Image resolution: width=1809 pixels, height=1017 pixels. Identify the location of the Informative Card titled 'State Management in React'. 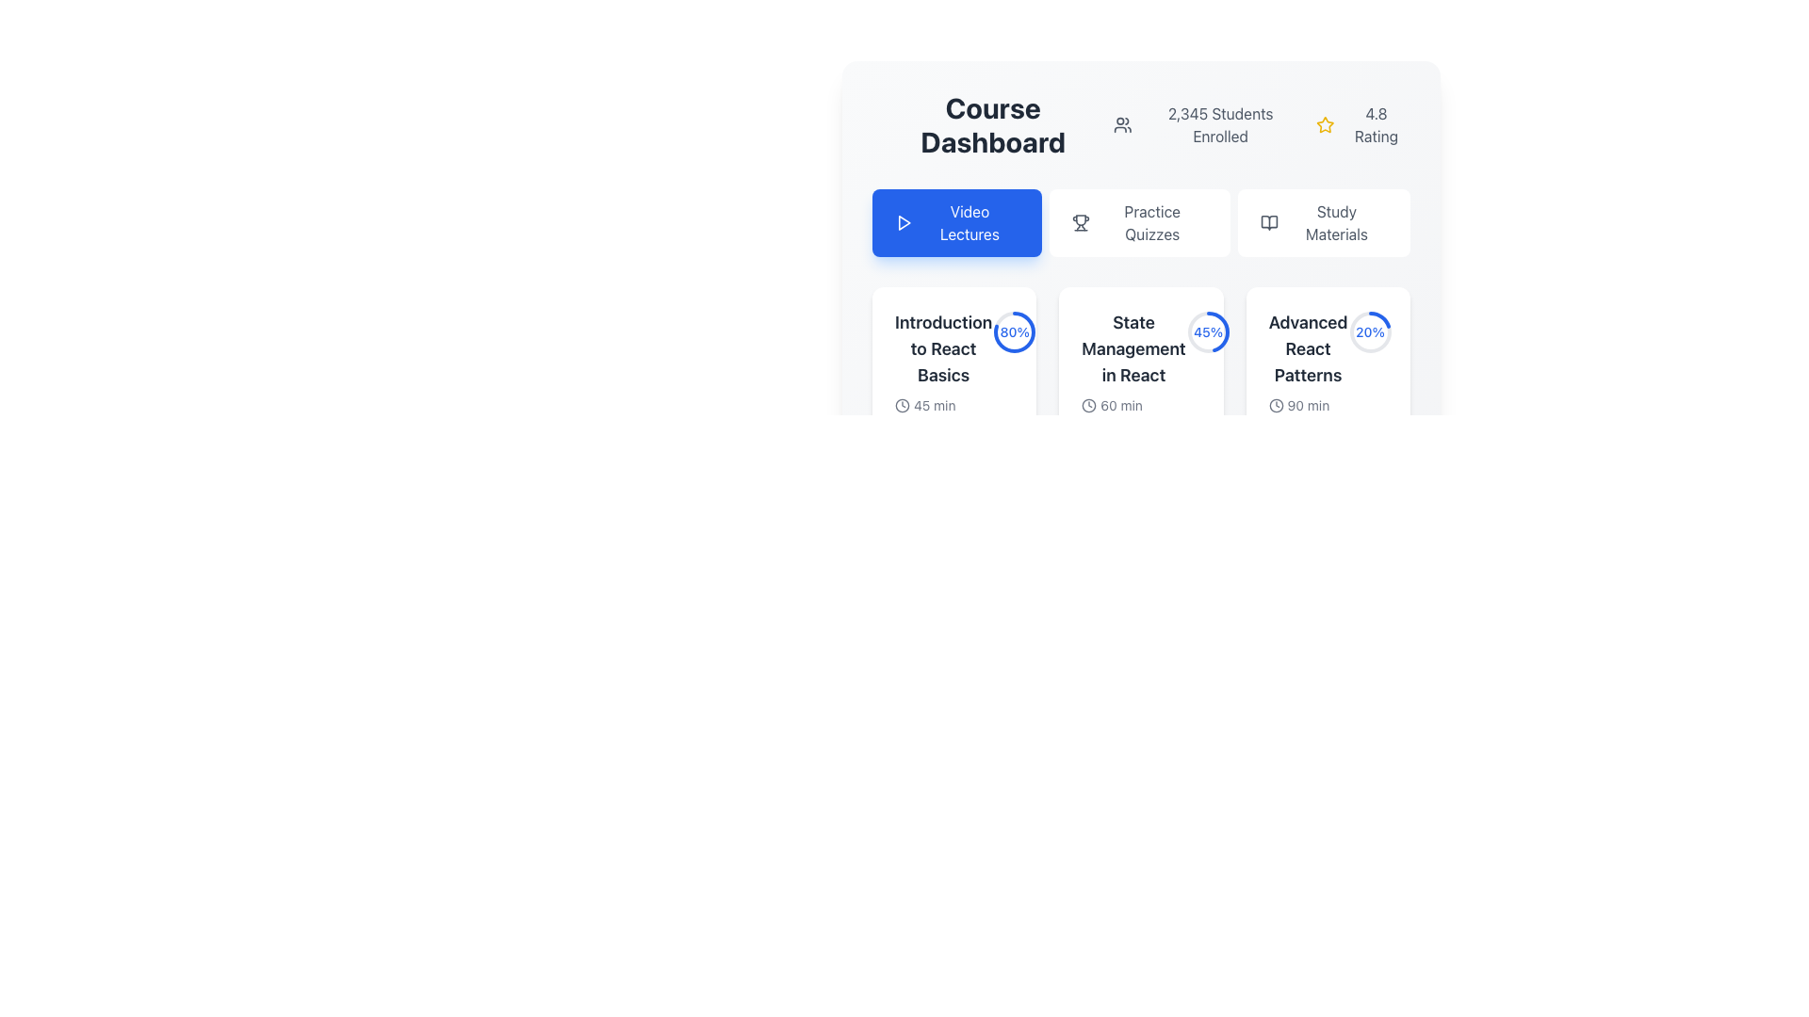
(1140, 405).